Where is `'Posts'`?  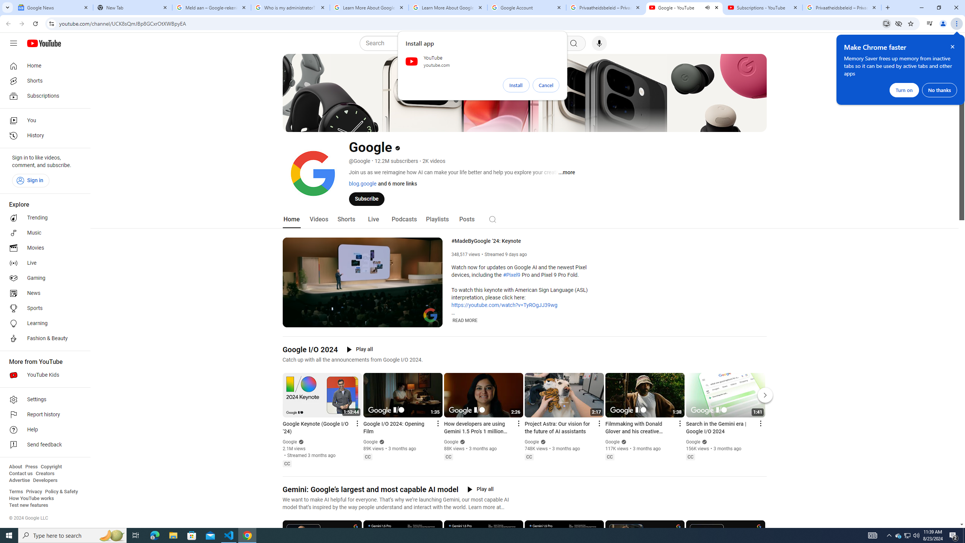 'Posts' is located at coordinates (466, 219).